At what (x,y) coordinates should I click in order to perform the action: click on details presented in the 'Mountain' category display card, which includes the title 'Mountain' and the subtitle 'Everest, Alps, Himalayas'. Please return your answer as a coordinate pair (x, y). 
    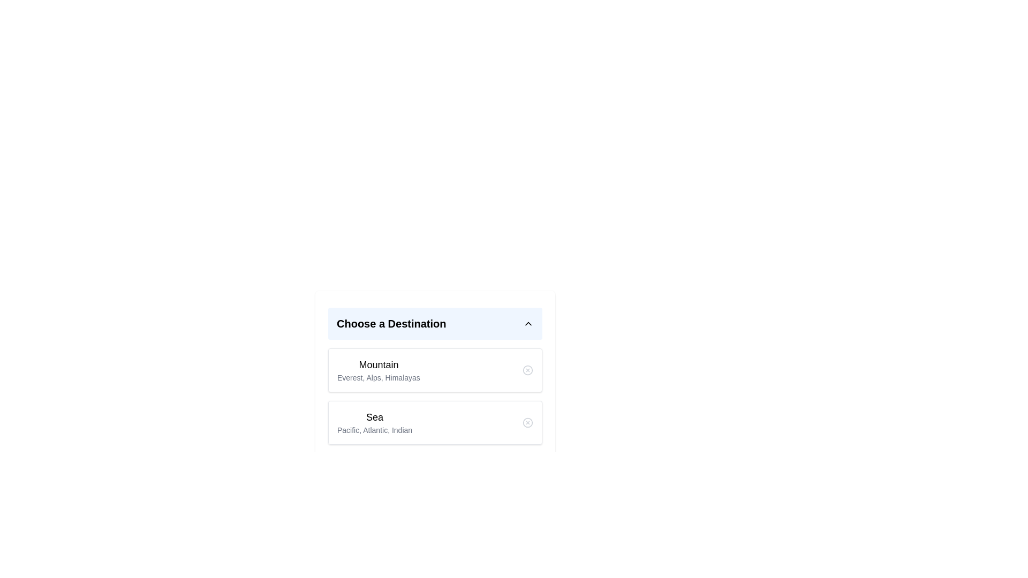
    Looking at the image, I should click on (435, 369).